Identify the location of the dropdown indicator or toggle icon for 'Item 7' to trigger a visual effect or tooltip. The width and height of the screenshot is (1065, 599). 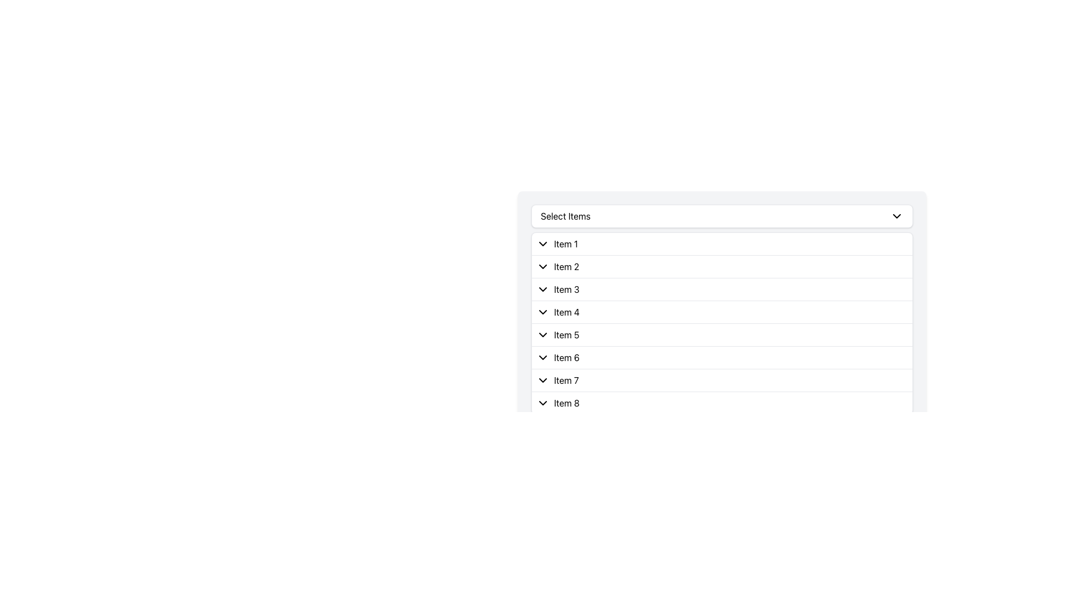
(543, 380).